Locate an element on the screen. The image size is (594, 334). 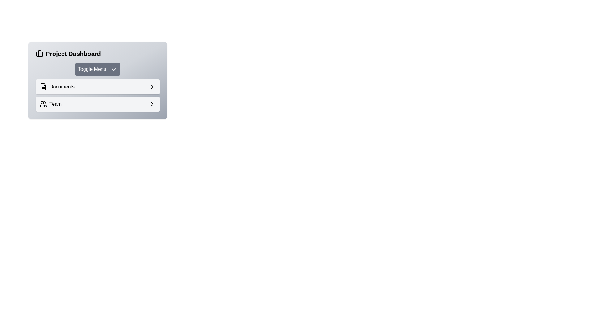
the 'Team' navigation link located below the 'Documents' item in the 'Project Dashboard' is located at coordinates (50, 104).